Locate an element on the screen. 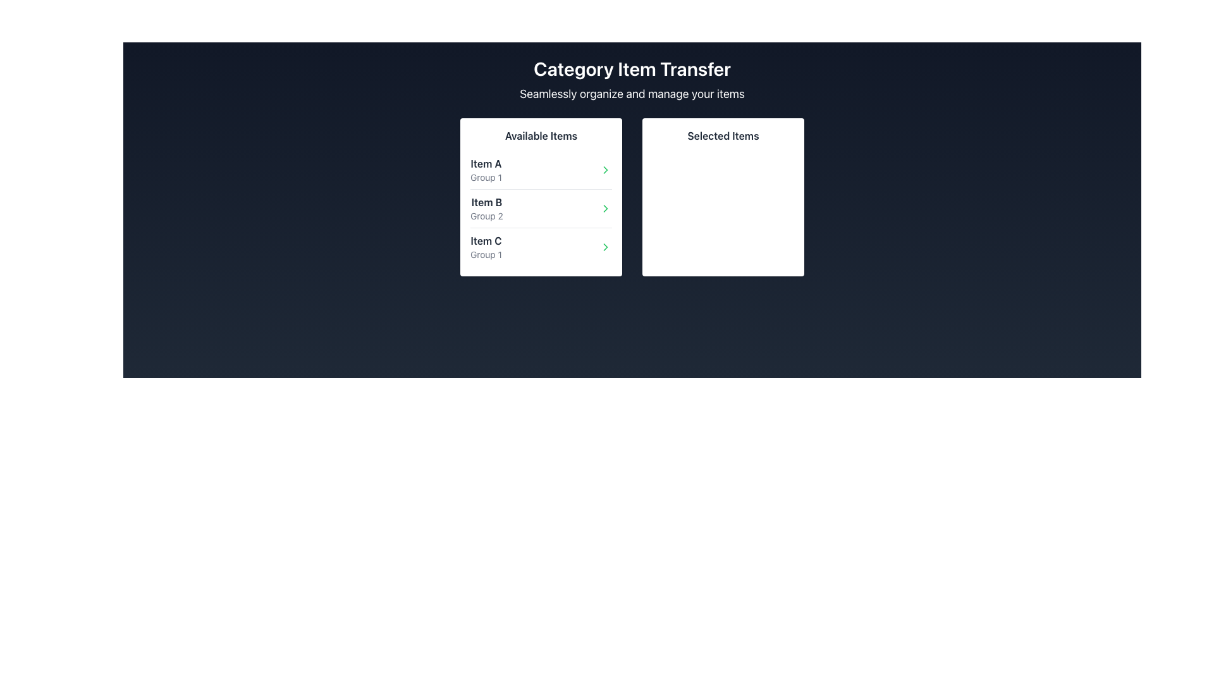 The height and width of the screenshot is (683, 1214). to select or interact with the row containing 'Item B' in 'Group 2' from the list of available items is located at coordinates (541, 208).